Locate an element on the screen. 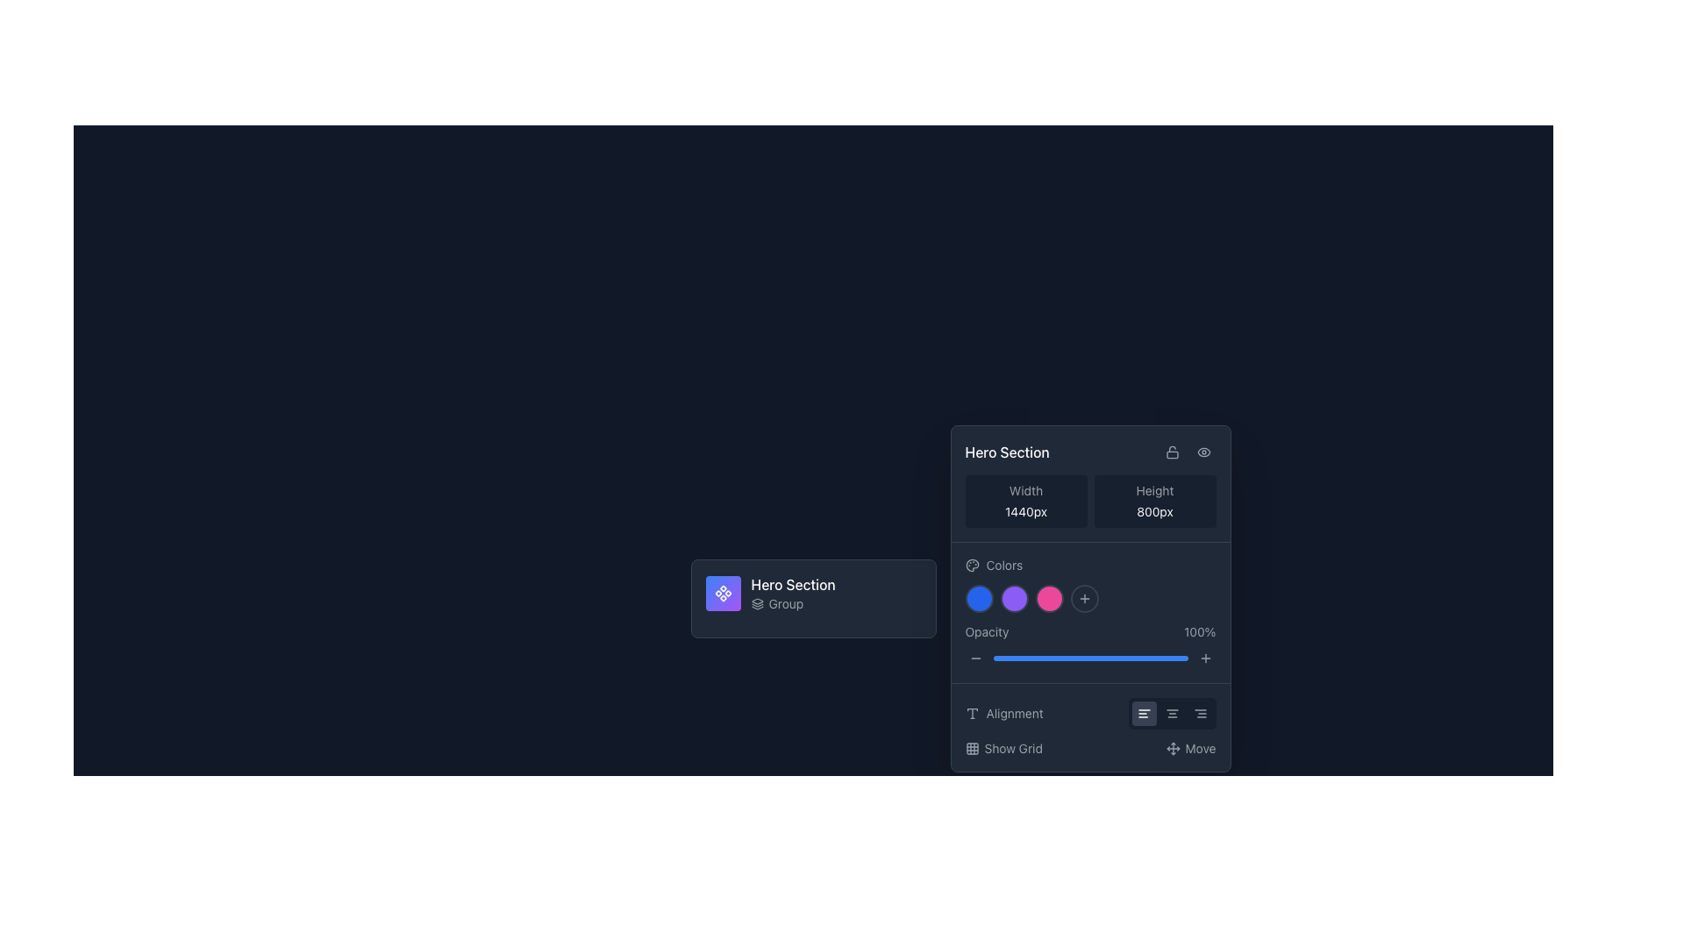 Image resolution: width=1684 pixels, height=947 pixels. the eye icon in the upper-right corner of the 'Hero Section' panel, which is part of the Control group containing interactive icons is located at coordinates (1188, 452).